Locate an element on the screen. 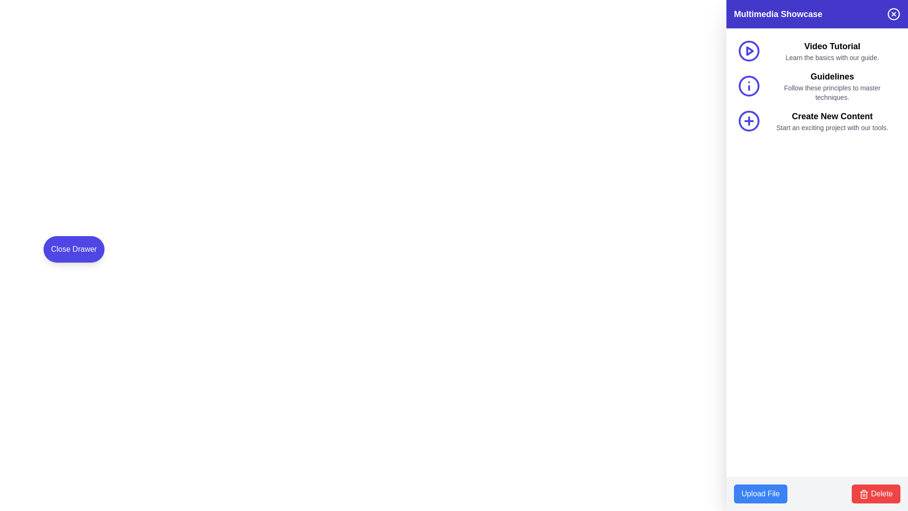  the informational section with the blue circular information icon and the heading 'Guidelines' is located at coordinates (817, 86).